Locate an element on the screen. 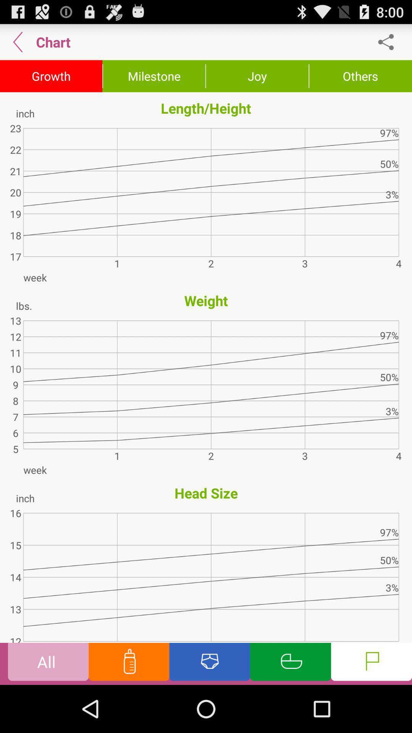 The width and height of the screenshot is (412, 733). share is located at coordinates (390, 42).